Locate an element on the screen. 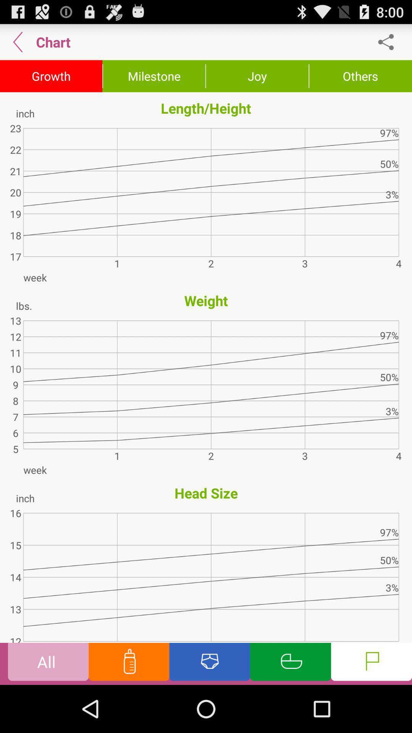 The width and height of the screenshot is (412, 733). share is located at coordinates (390, 42).